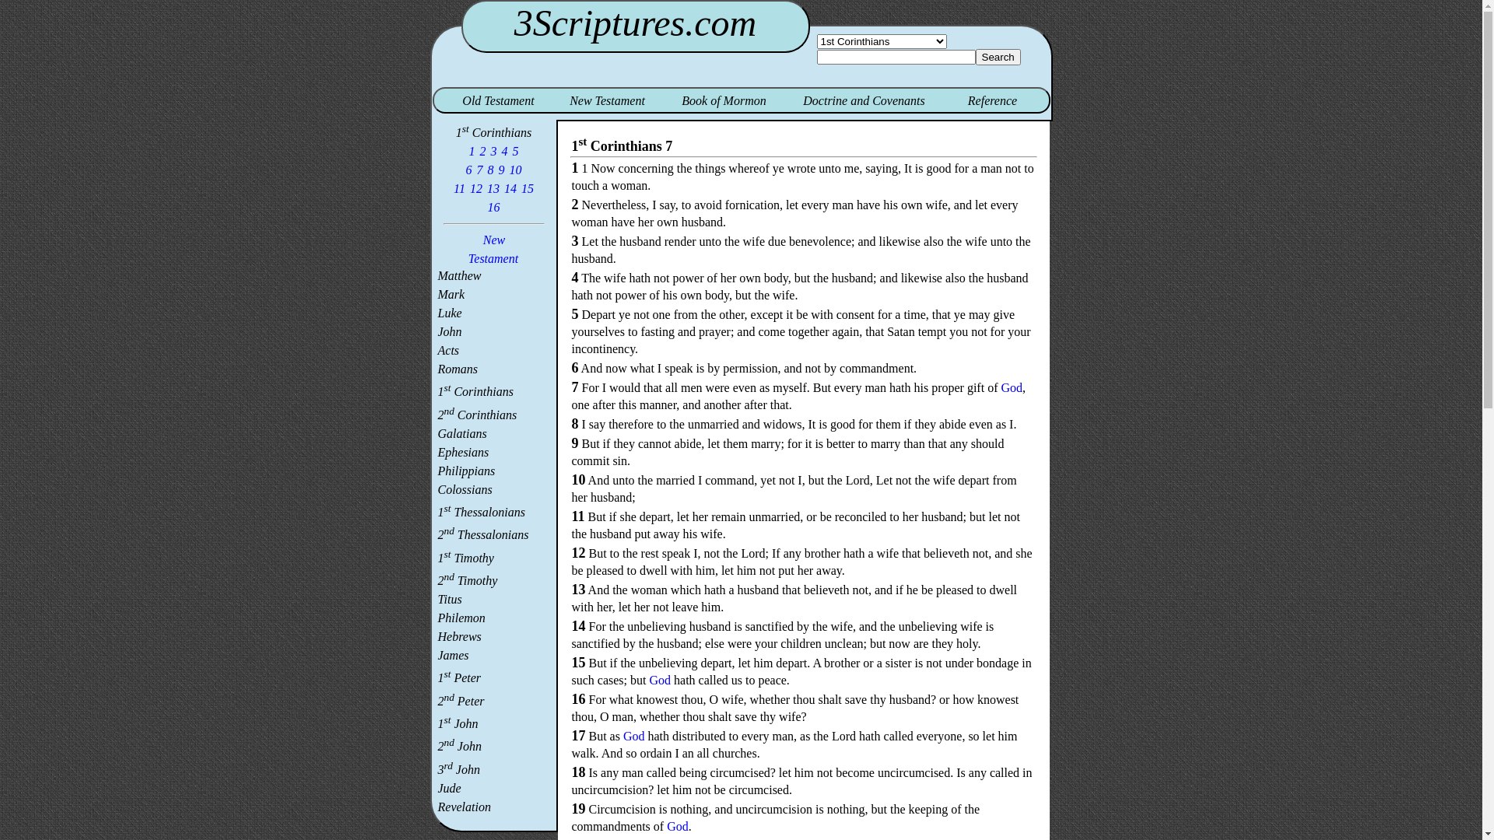  What do you see at coordinates (493, 248) in the screenshot?
I see `'New` at bounding box center [493, 248].